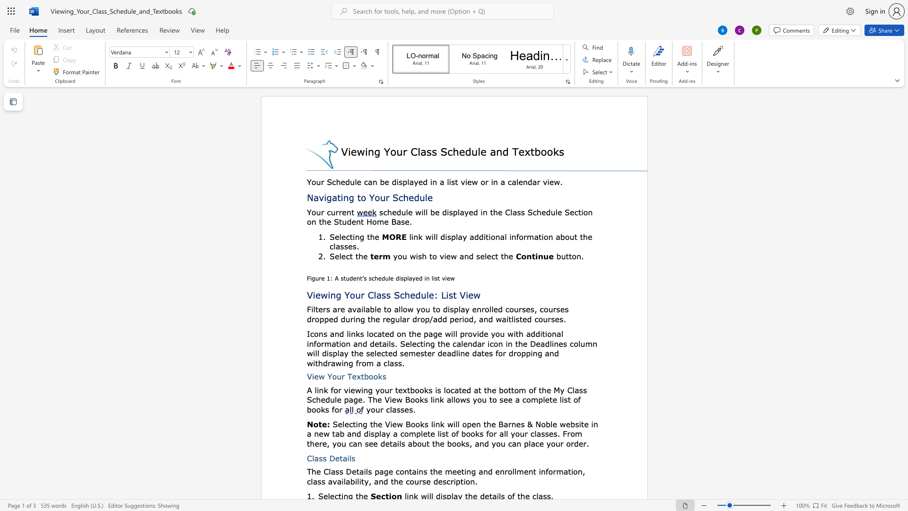 The image size is (908, 511). What do you see at coordinates (436, 236) in the screenshot?
I see `the 3th character "l" in the text` at bounding box center [436, 236].